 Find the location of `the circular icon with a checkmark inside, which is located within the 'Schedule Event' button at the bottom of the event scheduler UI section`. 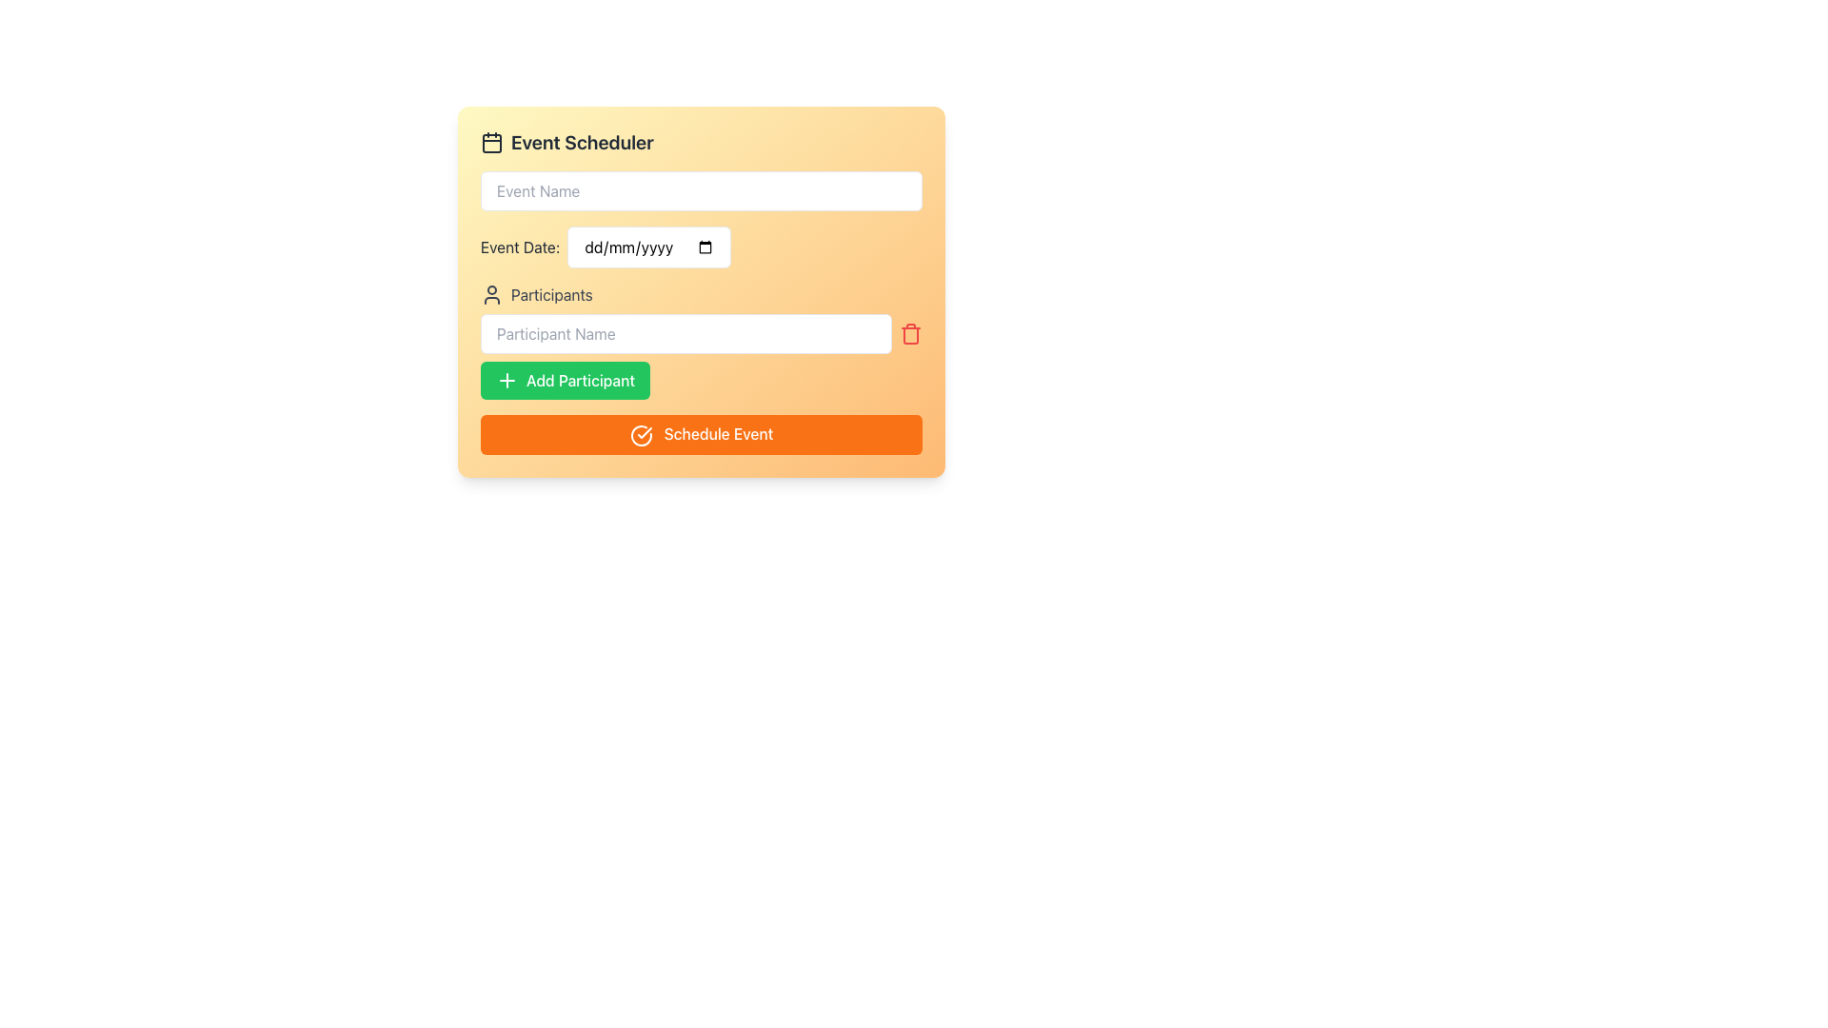

the circular icon with a checkmark inside, which is located within the 'Schedule Event' button at the bottom of the event scheduler UI section is located at coordinates (641, 435).